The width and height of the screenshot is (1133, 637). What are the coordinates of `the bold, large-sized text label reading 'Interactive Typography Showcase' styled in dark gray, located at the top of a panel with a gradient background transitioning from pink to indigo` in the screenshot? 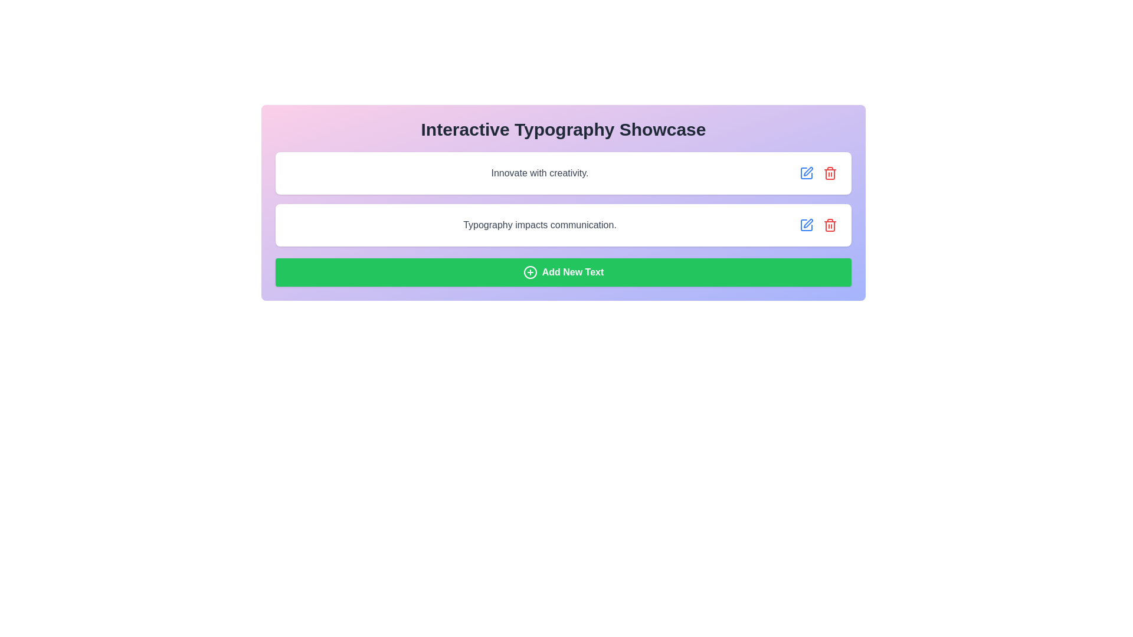 It's located at (563, 129).